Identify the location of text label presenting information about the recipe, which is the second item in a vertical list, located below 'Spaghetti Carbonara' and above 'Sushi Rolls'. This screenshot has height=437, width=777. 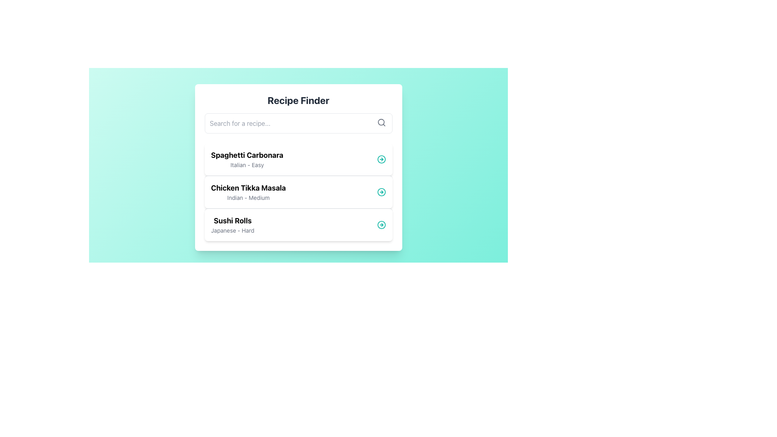
(248, 192).